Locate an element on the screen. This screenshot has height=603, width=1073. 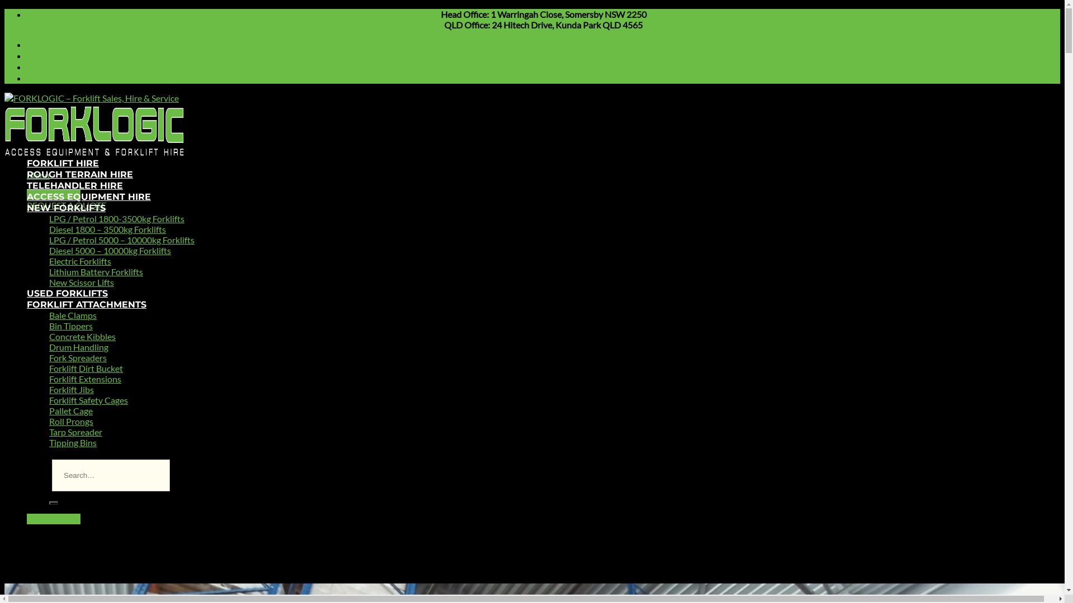
'Forklift Jibs' is located at coordinates (71, 389).